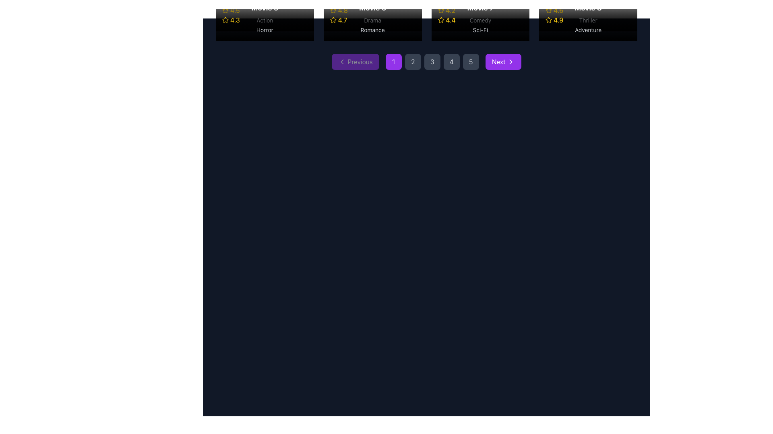 This screenshot has height=434, width=773. I want to click on numeric rating (4.2) displayed in the Text Label for the movie 'Movie 9', which is located in the upper portion of the UI next to a yellow star icon, so click(450, 10).